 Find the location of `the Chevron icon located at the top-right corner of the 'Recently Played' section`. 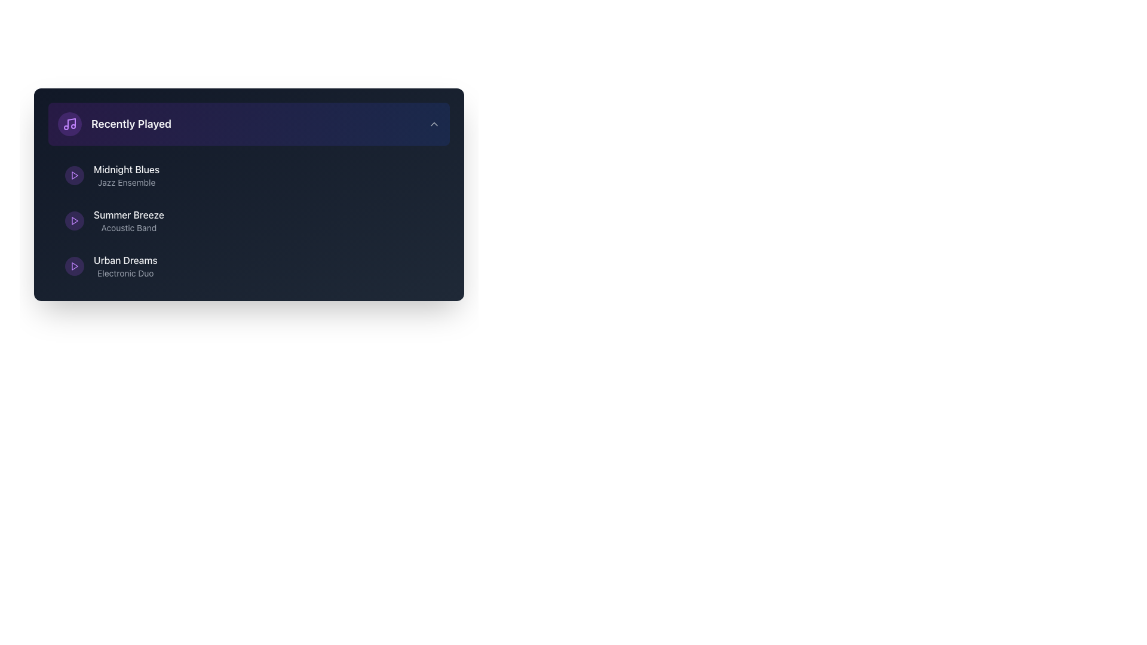

the Chevron icon located at the top-right corner of the 'Recently Played' section is located at coordinates (433, 124).